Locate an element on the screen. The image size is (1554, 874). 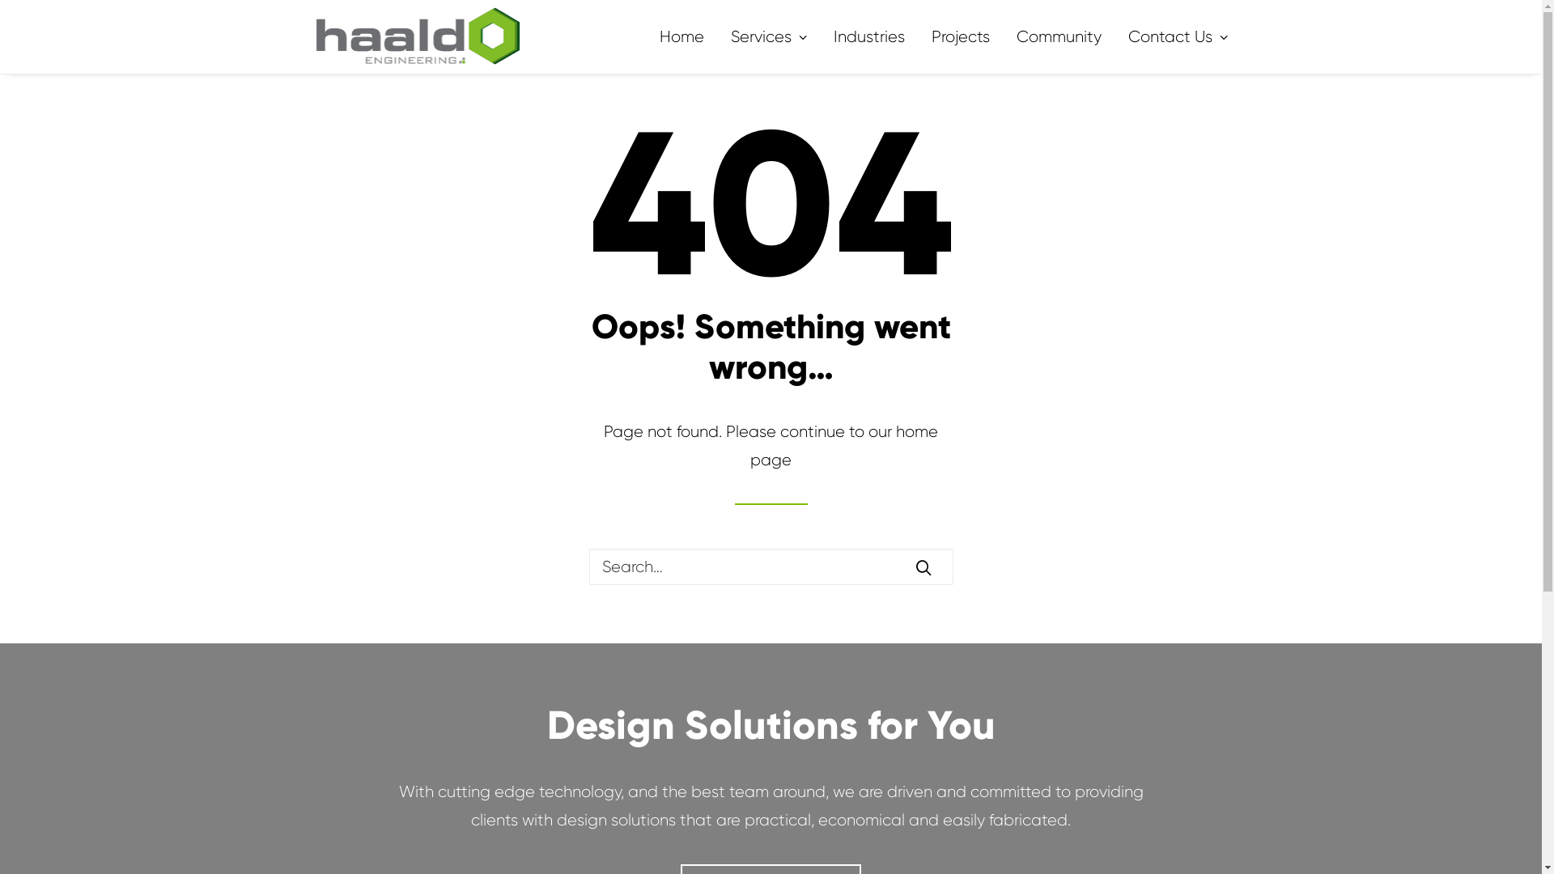
'Home' is located at coordinates (686, 36).